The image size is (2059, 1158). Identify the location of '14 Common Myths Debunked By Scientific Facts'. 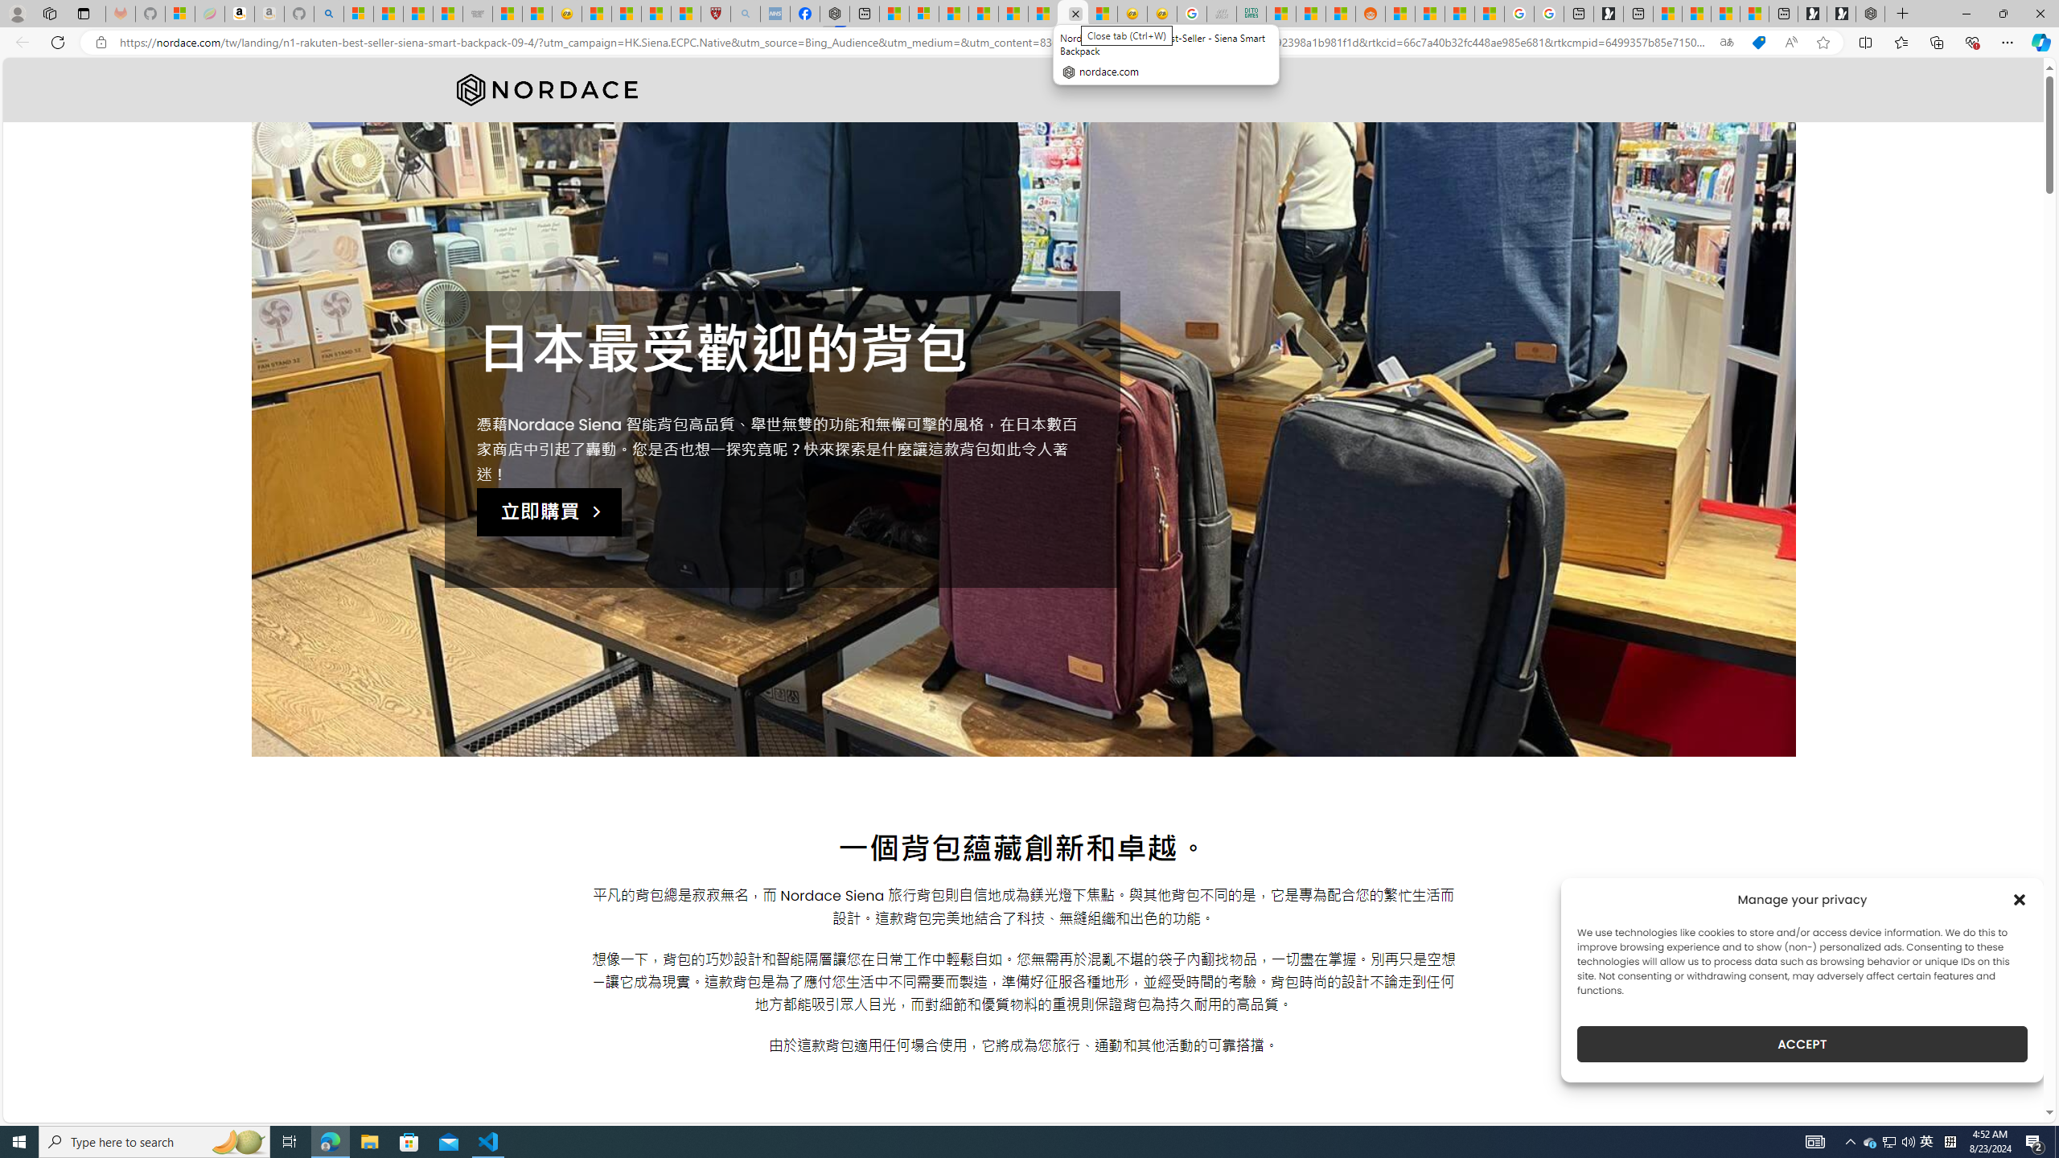
(1013, 13).